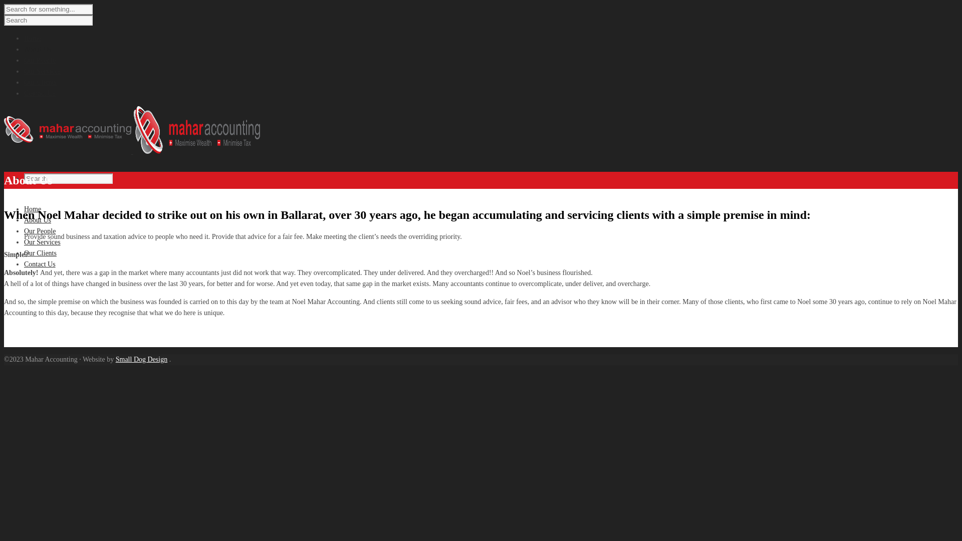  What do you see at coordinates (40, 93) in the screenshot?
I see `'Contact Us'` at bounding box center [40, 93].